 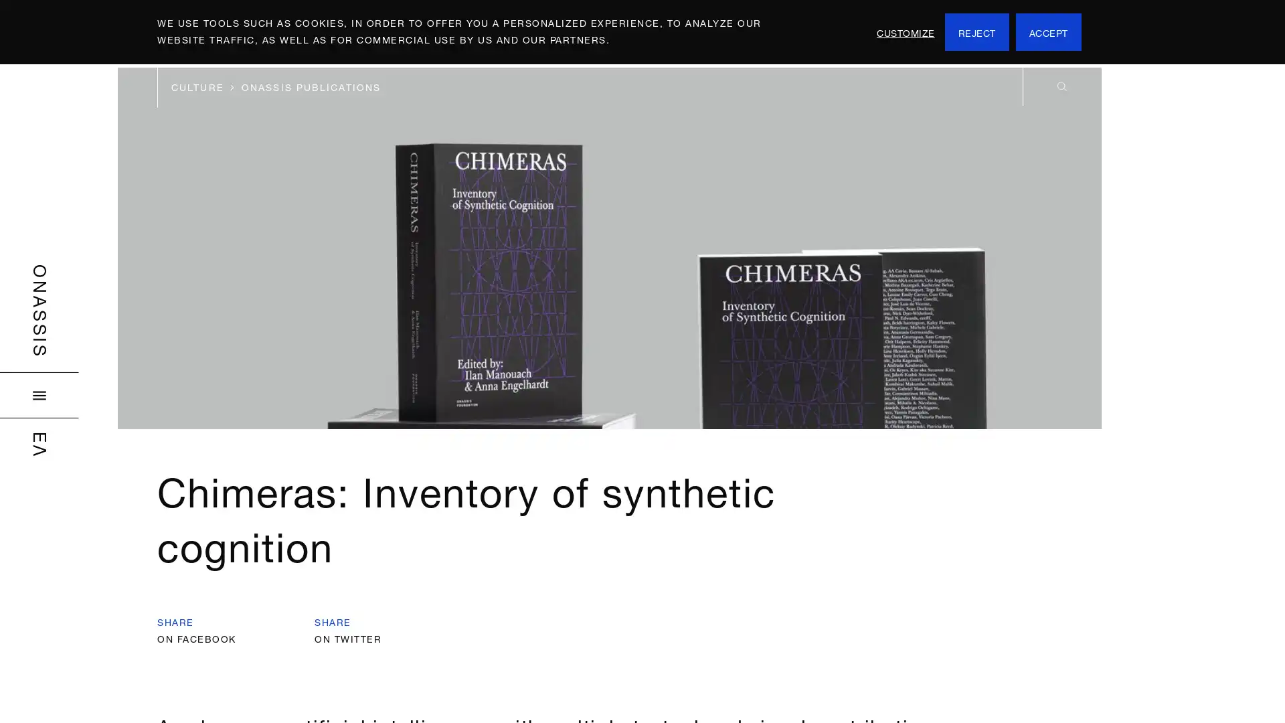 What do you see at coordinates (976, 31) in the screenshot?
I see `REJECT` at bounding box center [976, 31].